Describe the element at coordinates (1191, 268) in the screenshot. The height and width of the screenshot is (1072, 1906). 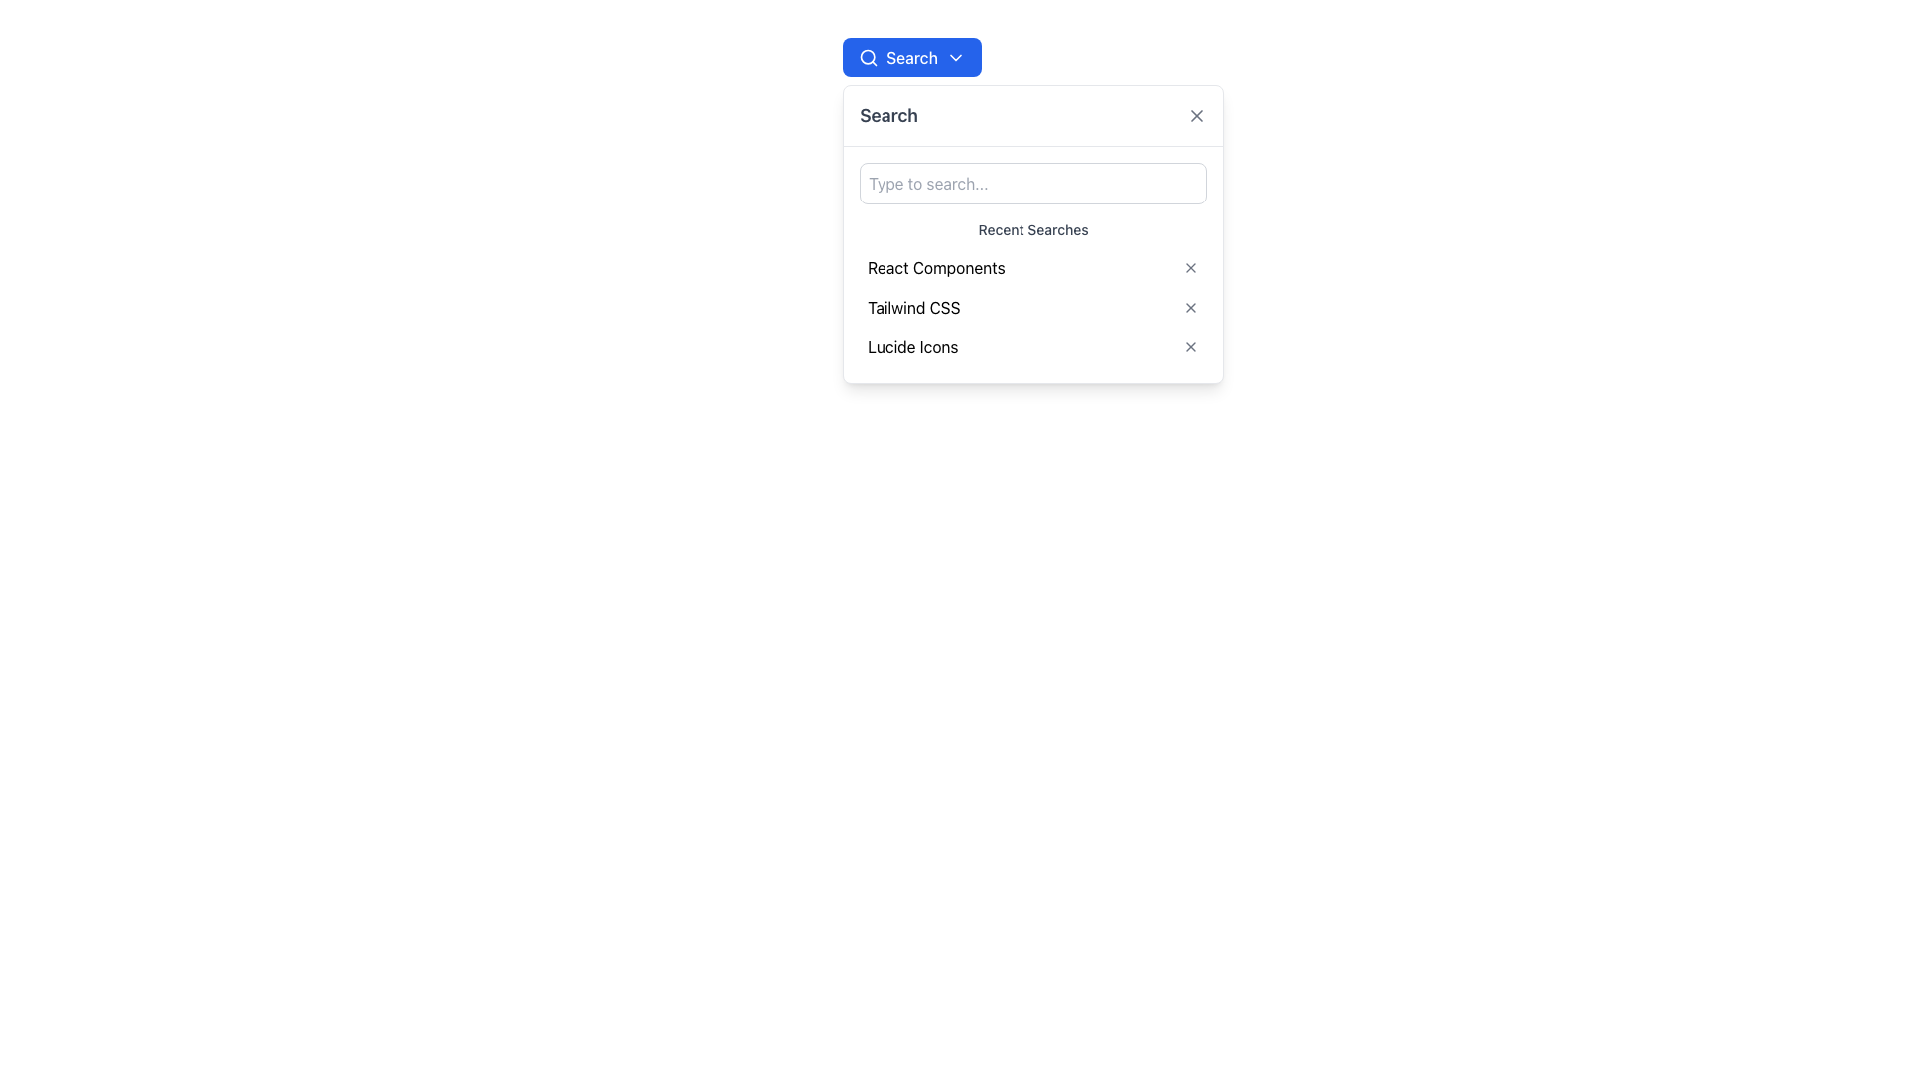
I see `the icon button located to the right of 'React Components' in the 'Recent Searches' list` at that location.